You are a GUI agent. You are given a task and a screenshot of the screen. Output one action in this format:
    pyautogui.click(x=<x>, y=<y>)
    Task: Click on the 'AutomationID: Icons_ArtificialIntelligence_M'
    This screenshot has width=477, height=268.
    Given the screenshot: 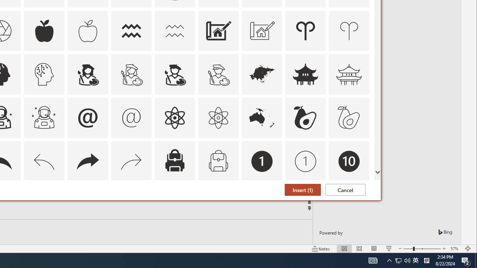 What is the action you would take?
    pyautogui.click(x=44, y=74)
    